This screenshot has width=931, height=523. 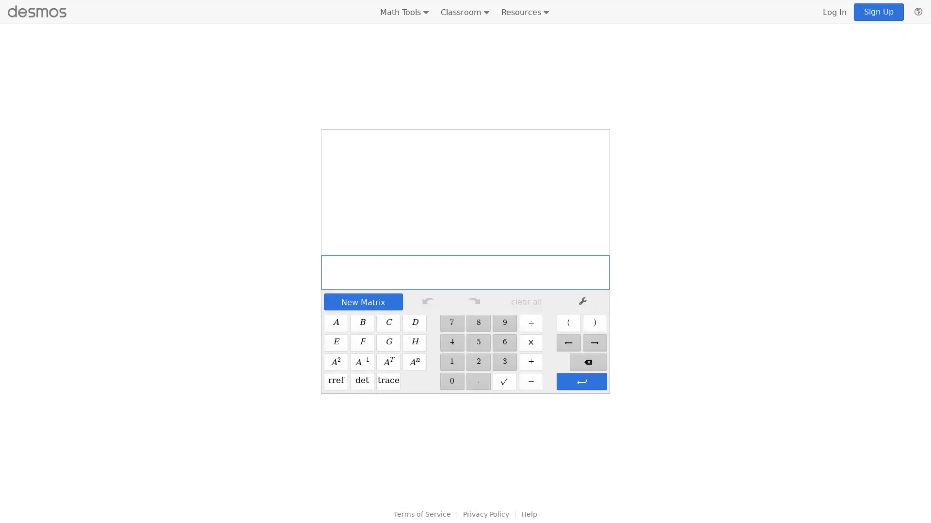 What do you see at coordinates (388, 323) in the screenshot?
I see `C` at bounding box center [388, 323].